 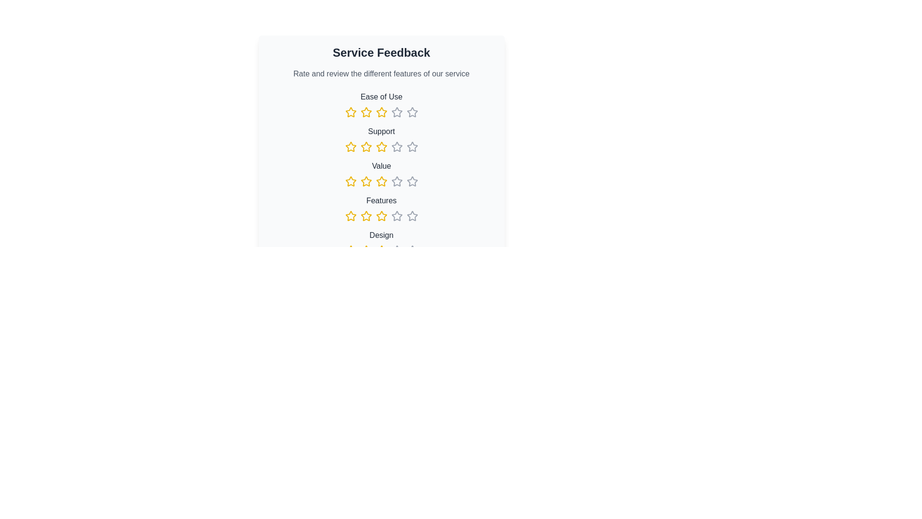 What do you see at coordinates (412, 111) in the screenshot?
I see `the fourth star in the five-star rating component under 'Ease of Use'` at bounding box center [412, 111].